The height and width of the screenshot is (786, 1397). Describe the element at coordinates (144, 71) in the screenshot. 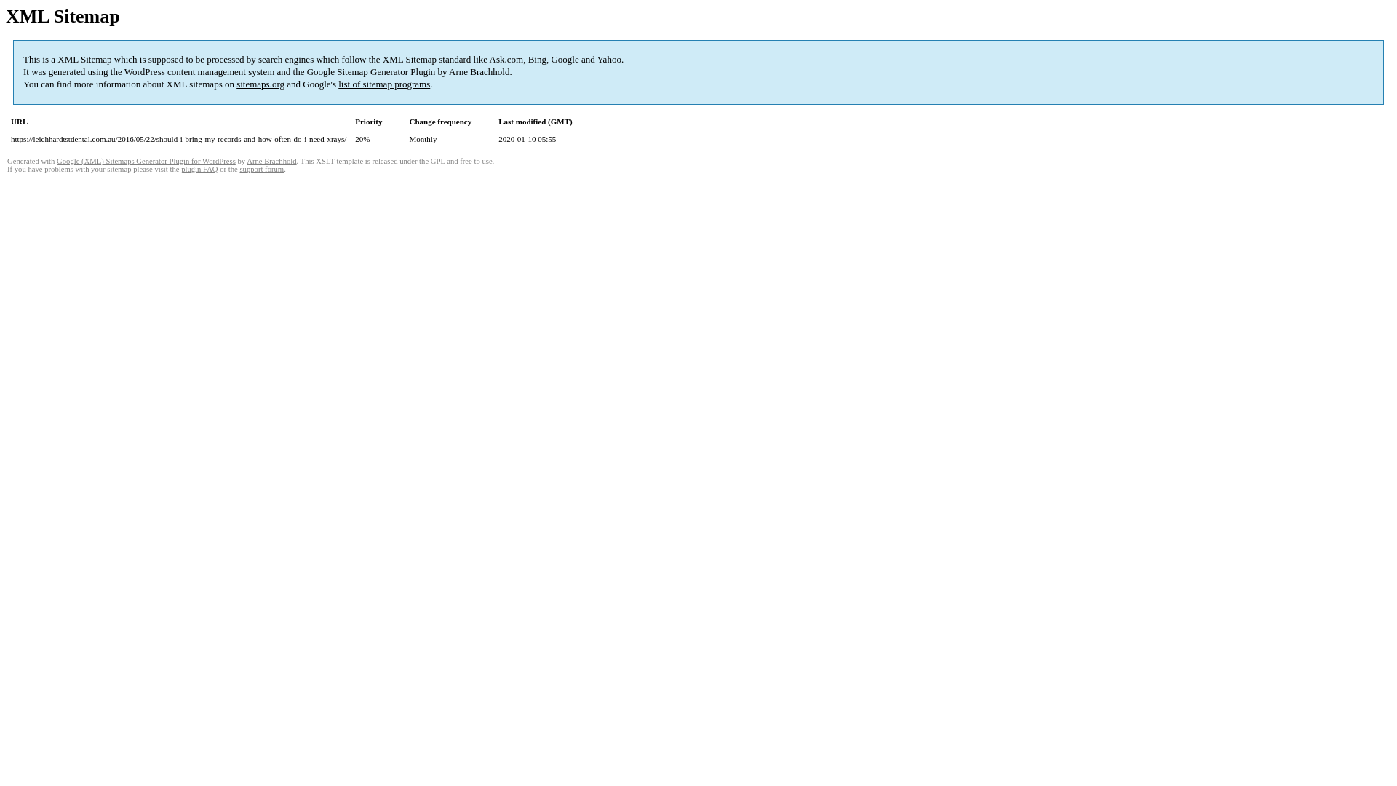

I see `'WordPress'` at that location.